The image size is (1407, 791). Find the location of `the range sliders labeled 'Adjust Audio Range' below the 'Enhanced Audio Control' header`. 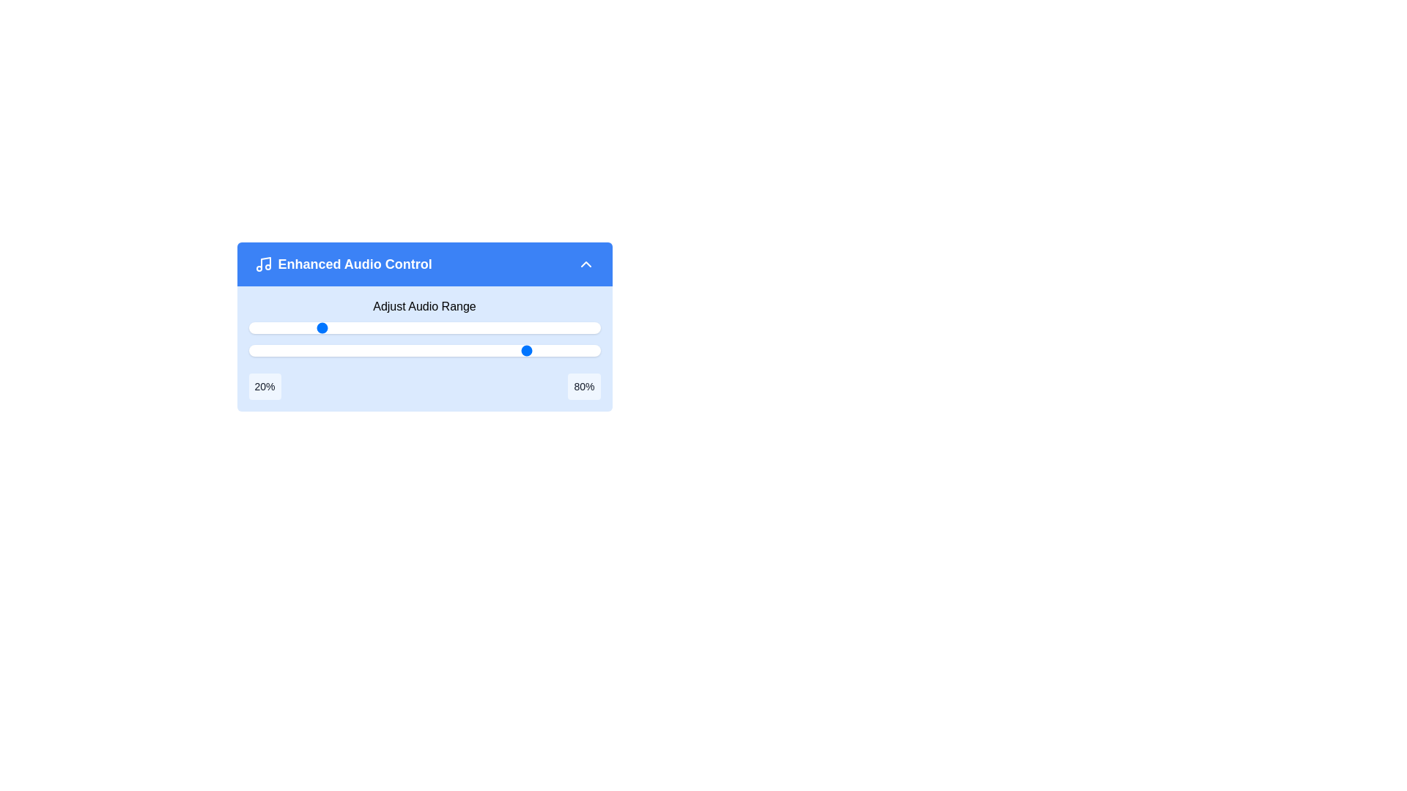

the range sliders labeled 'Adjust Audio Range' below the 'Enhanced Audio Control' header is located at coordinates (424, 349).